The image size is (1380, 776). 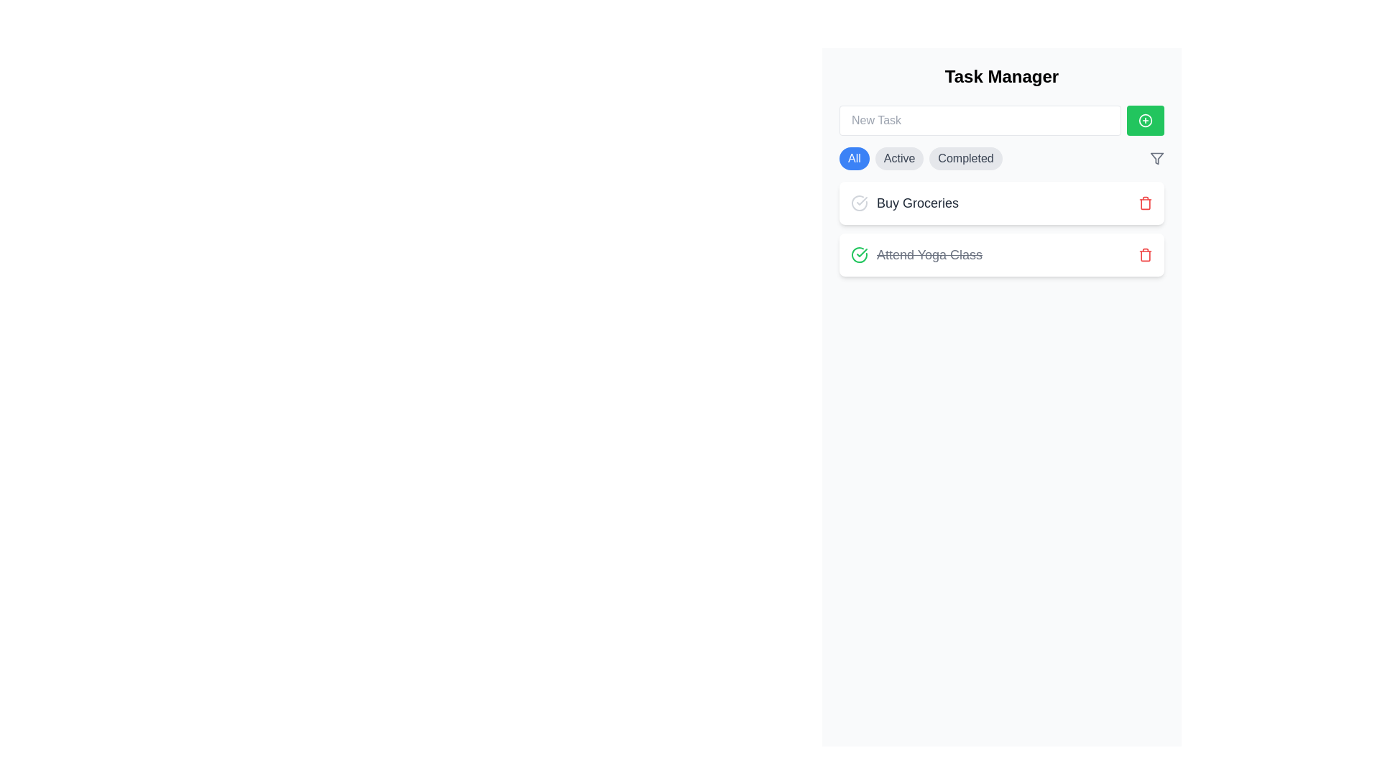 I want to click on the first task card in the task management application, which is positioned above the 'Attend Yoga Class' card, so click(x=1000, y=203).